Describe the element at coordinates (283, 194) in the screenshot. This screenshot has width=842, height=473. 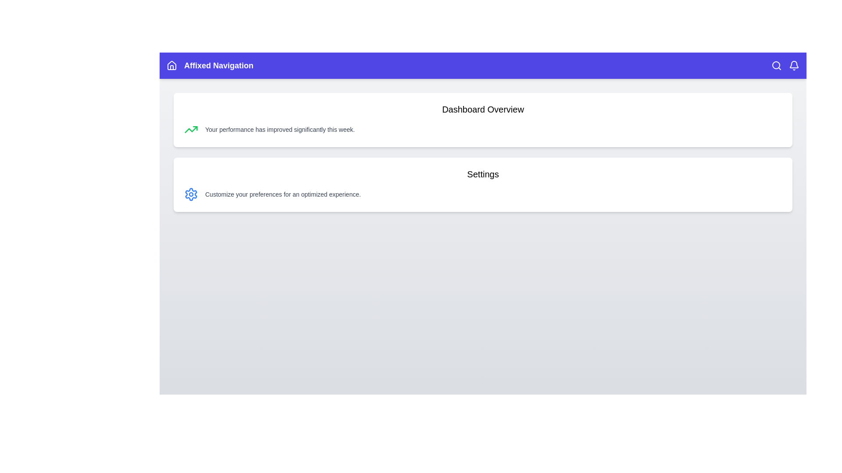
I see `information displayed in the text label stating 'Customize your preferences for an optimized experience.' located next to the gear icon in the Settings section` at that location.